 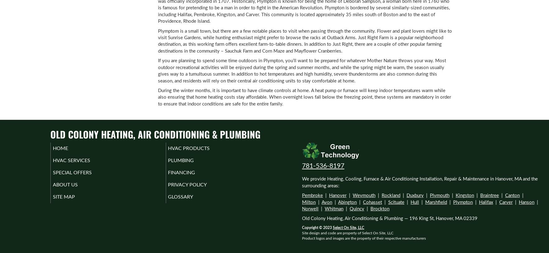 I want to click on 'Quincy', so click(x=357, y=208).